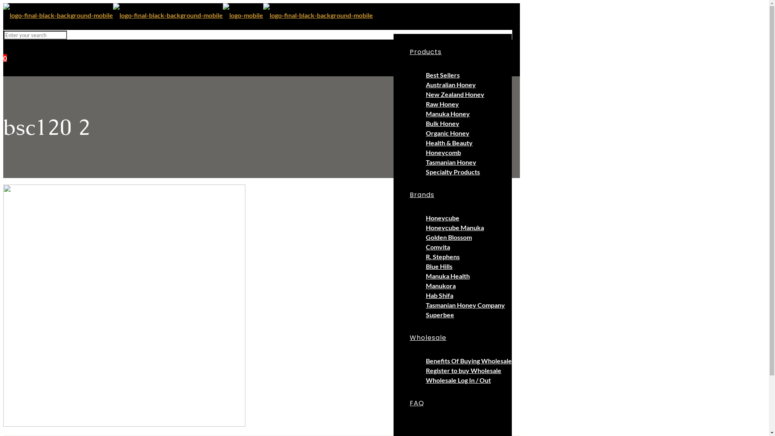 This screenshot has height=436, width=775. I want to click on 'Wholesale', so click(427, 337).